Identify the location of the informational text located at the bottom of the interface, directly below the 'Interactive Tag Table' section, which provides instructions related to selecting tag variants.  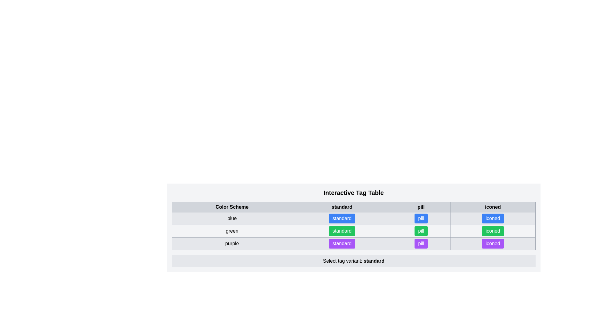
(354, 261).